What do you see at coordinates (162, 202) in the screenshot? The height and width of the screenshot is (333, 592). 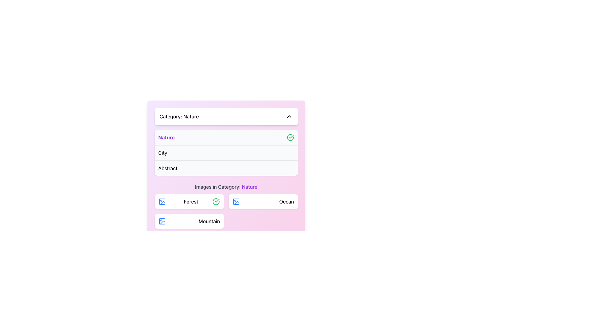 I see `the icon representing images in the 'Forest' category, which is aligned horizontally with the text 'Forest' and a green checkmark icon` at bounding box center [162, 202].